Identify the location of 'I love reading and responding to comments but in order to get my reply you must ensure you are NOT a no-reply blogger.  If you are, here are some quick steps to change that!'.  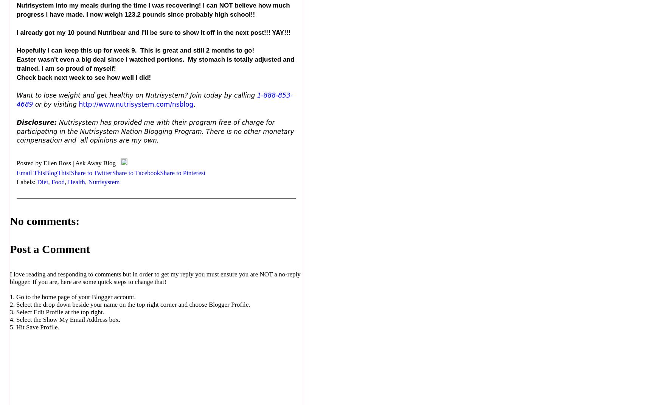
(155, 278).